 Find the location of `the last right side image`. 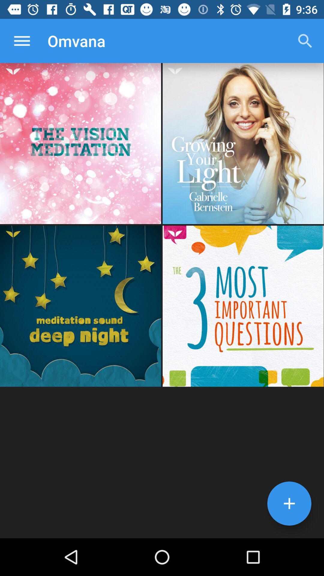

the last right side image is located at coordinates (243, 306).